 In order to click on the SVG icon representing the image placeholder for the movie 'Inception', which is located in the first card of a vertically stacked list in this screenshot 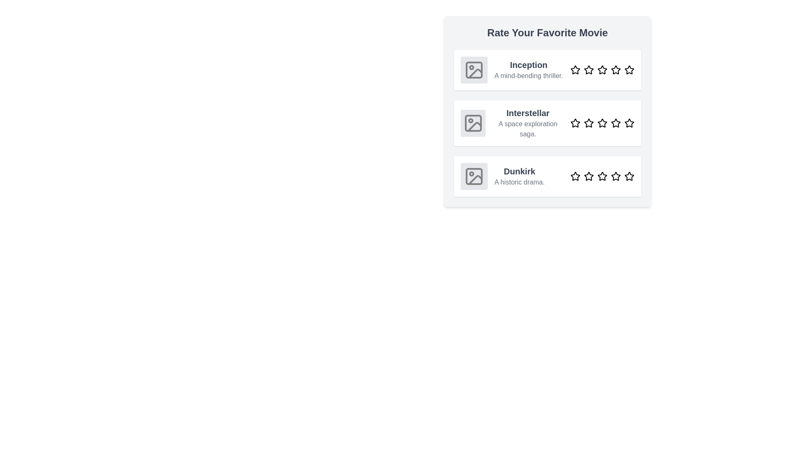, I will do `click(474, 69)`.